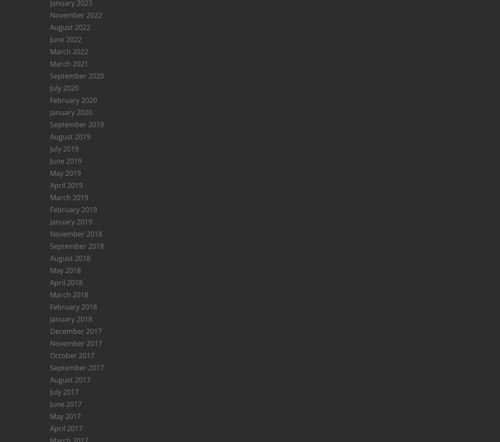 The height and width of the screenshot is (442, 500). I want to click on 'Archives', so click(71, 369).